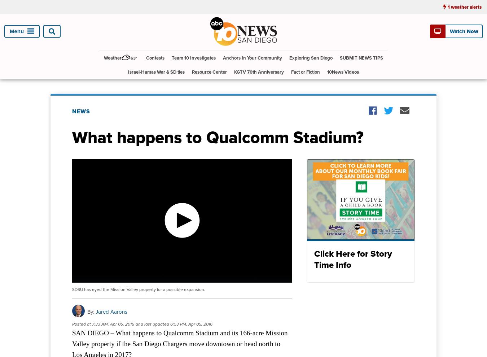 The height and width of the screenshot is (357, 487). Describe the element at coordinates (81, 111) in the screenshot. I see `'News'` at that location.